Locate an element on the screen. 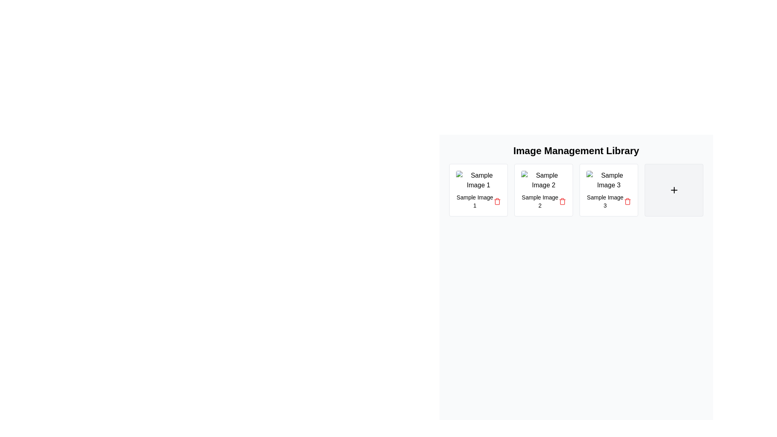 This screenshot has width=777, height=437. the delete button located at the bottom-right of the 'Sample Image 2' card is located at coordinates (562, 201).